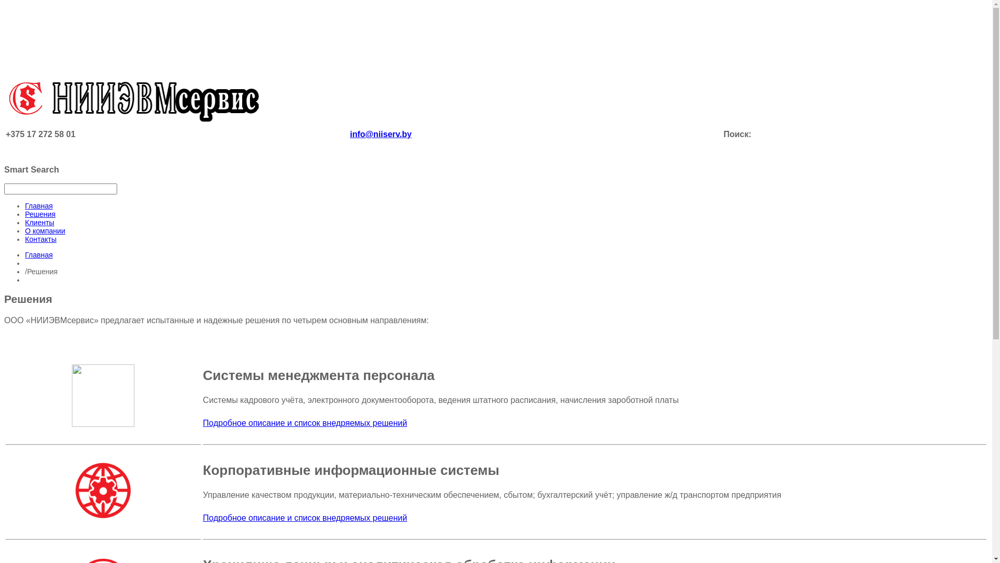  What do you see at coordinates (380, 133) in the screenshot?
I see `'info@niiserv.by'` at bounding box center [380, 133].